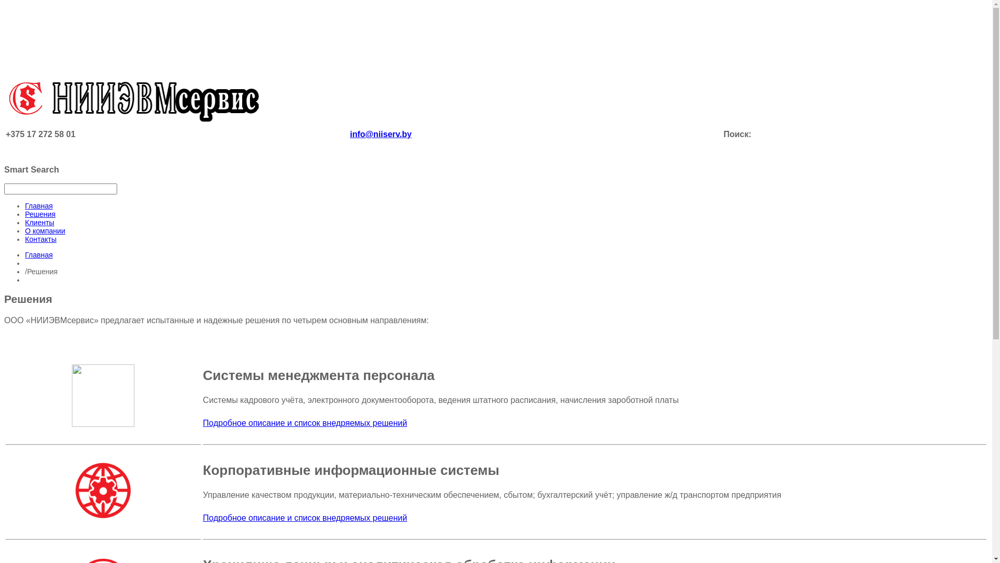  What do you see at coordinates (380, 133) in the screenshot?
I see `'info@niiserv.by'` at bounding box center [380, 133].